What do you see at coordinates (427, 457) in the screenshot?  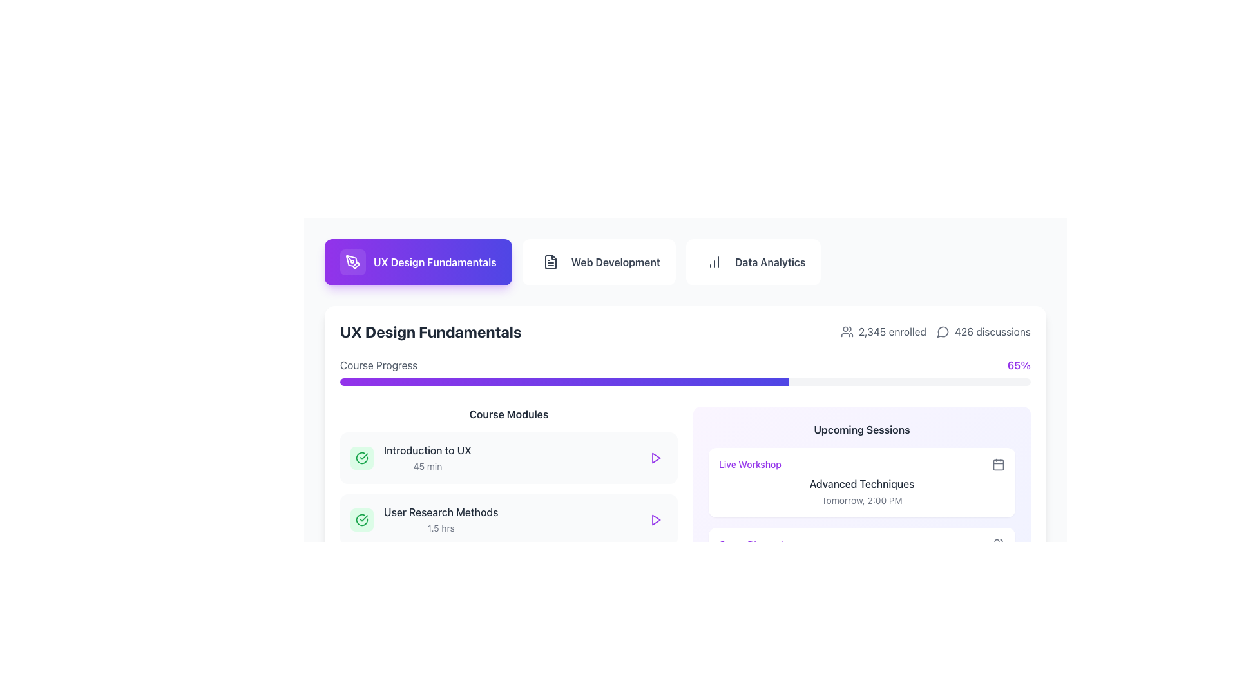 I see `the text label titled 'Introduction to UX' which includes the subtitle '45 min', located in the 'Course Modules' section` at bounding box center [427, 457].